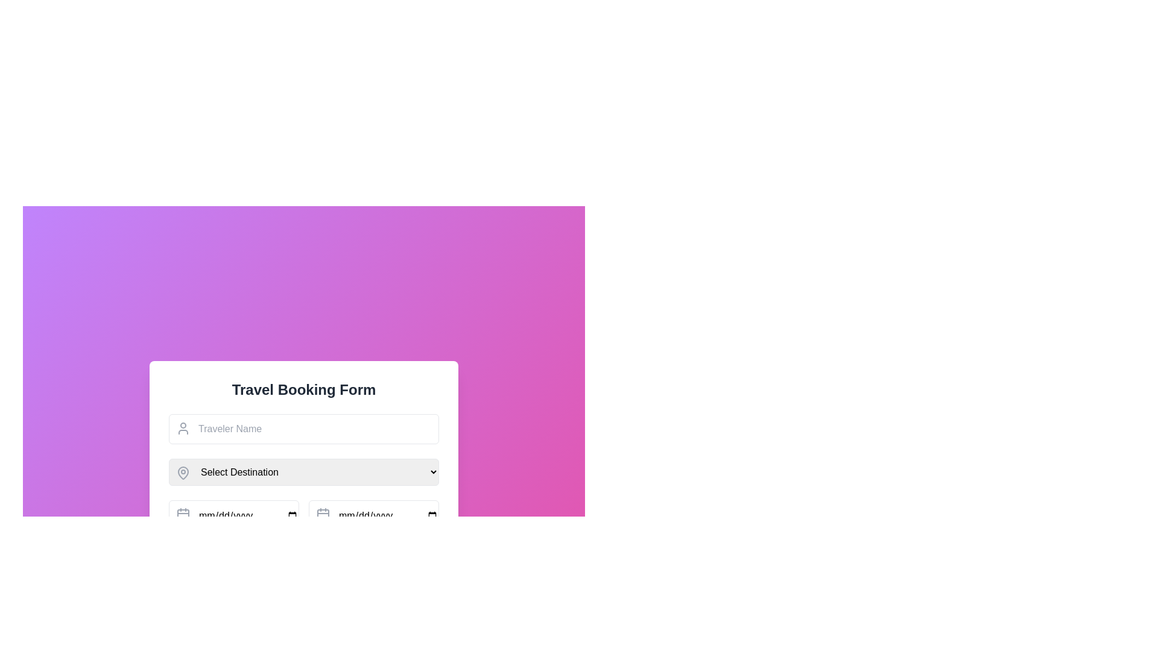 This screenshot has height=651, width=1158. Describe the element at coordinates (323, 514) in the screenshot. I see `the calendar icon in light gray, located in the end date selection field of the travel booking form` at that location.